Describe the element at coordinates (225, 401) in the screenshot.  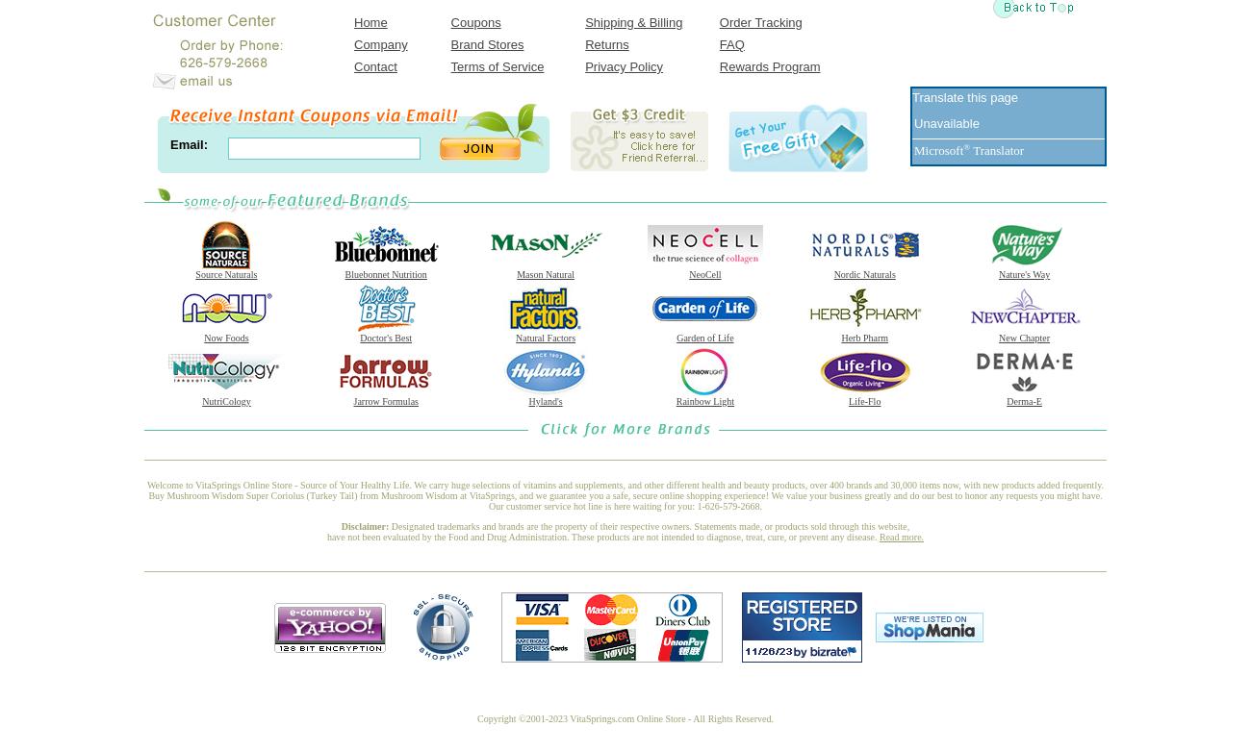
I see `'NutriCology'` at that location.